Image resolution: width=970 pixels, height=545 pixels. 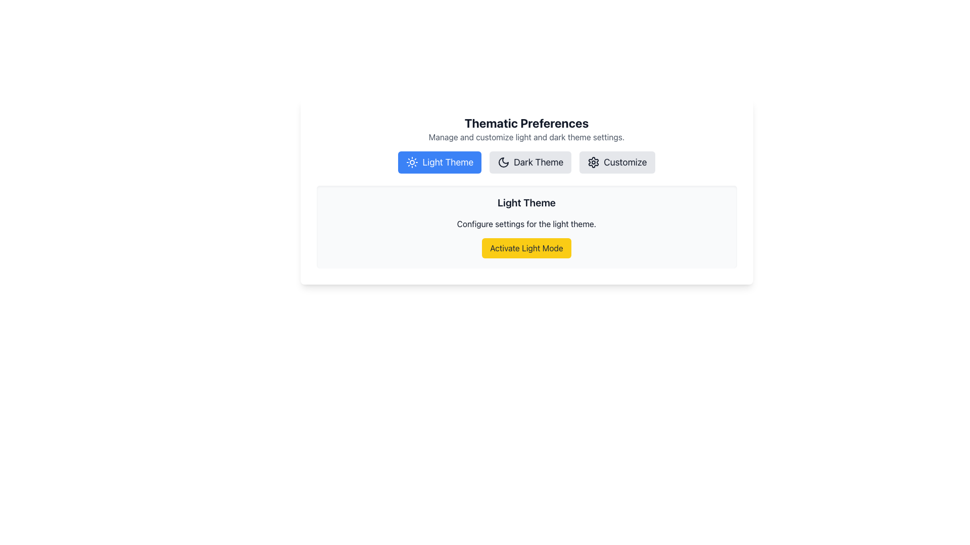 What do you see at coordinates (440, 161) in the screenshot?
I see `the light theme toggle button using keyboard navigation` at bounding box center [440, 161].